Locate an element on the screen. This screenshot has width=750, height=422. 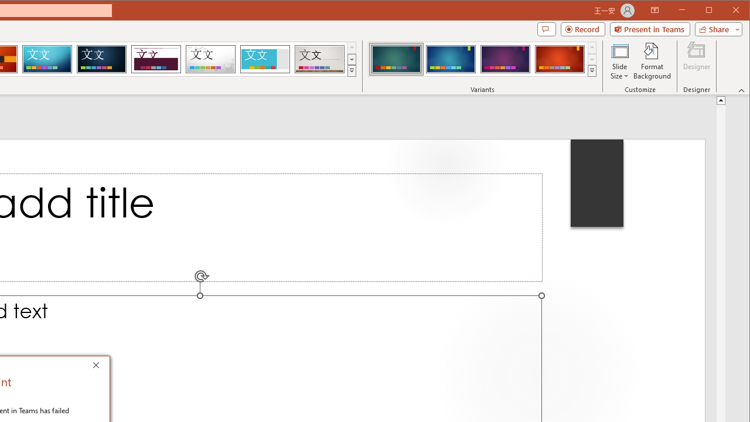
'AutomationID: ThemeVariantsGallery' is located at coordinates (483, 59).